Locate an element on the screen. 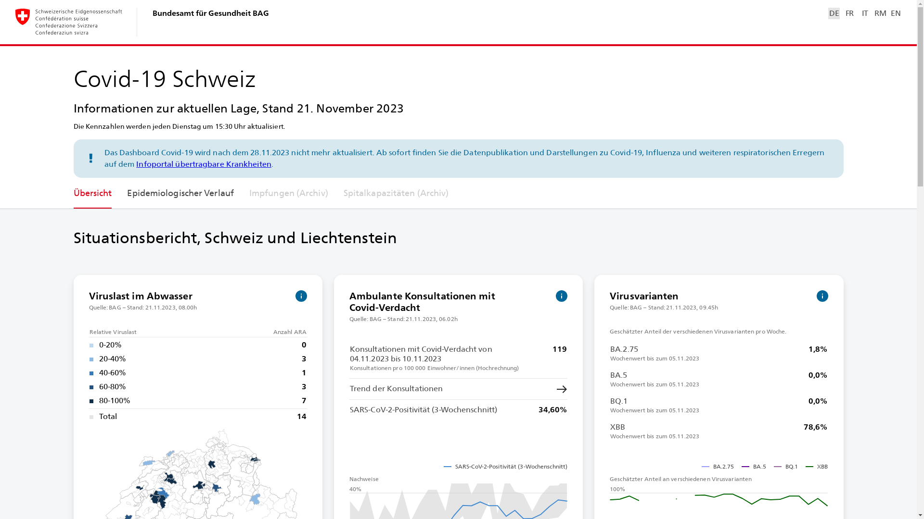 The height and width of the screenshot is (519, 924). 'Beschreibungen einblenden' is located at coordinates (300, 296).